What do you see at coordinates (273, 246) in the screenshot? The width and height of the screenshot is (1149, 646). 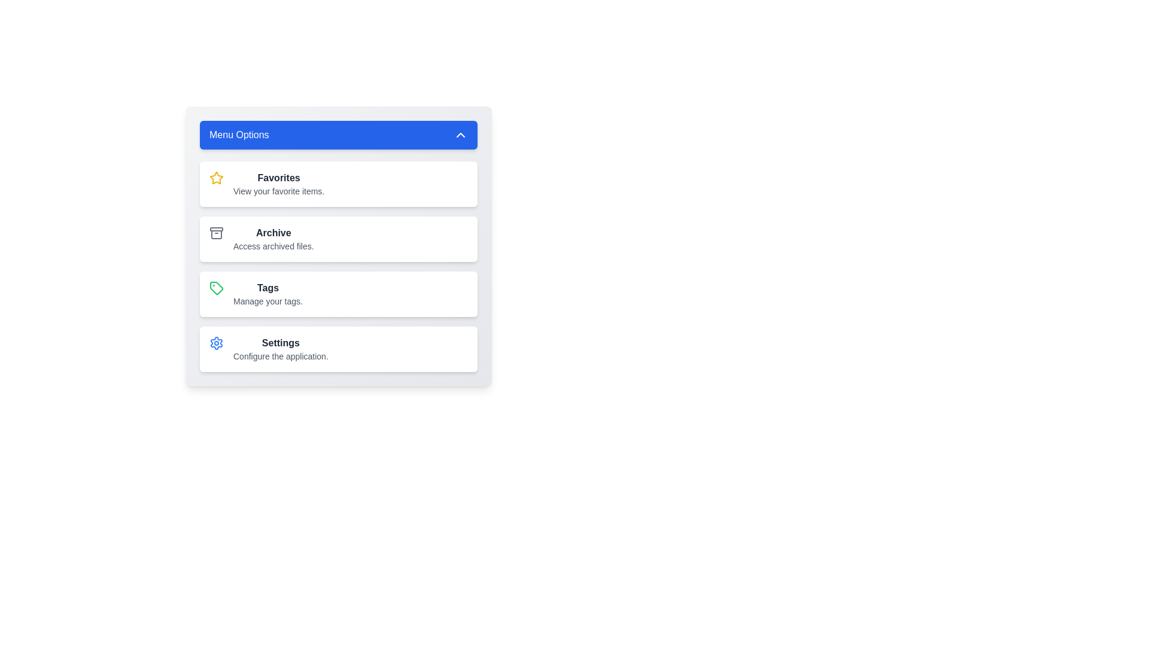 I see `the text block displaying 'Access archived files.' which is located beneath the bold title 'Archive' in the menu options` at bounding box center [273, 246].